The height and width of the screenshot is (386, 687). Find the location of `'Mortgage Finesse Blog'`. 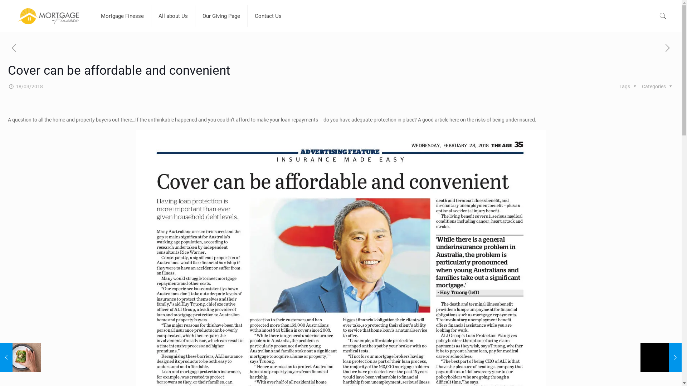

'Mortgage Finesse Blog' is located at coordinates (15, 16).